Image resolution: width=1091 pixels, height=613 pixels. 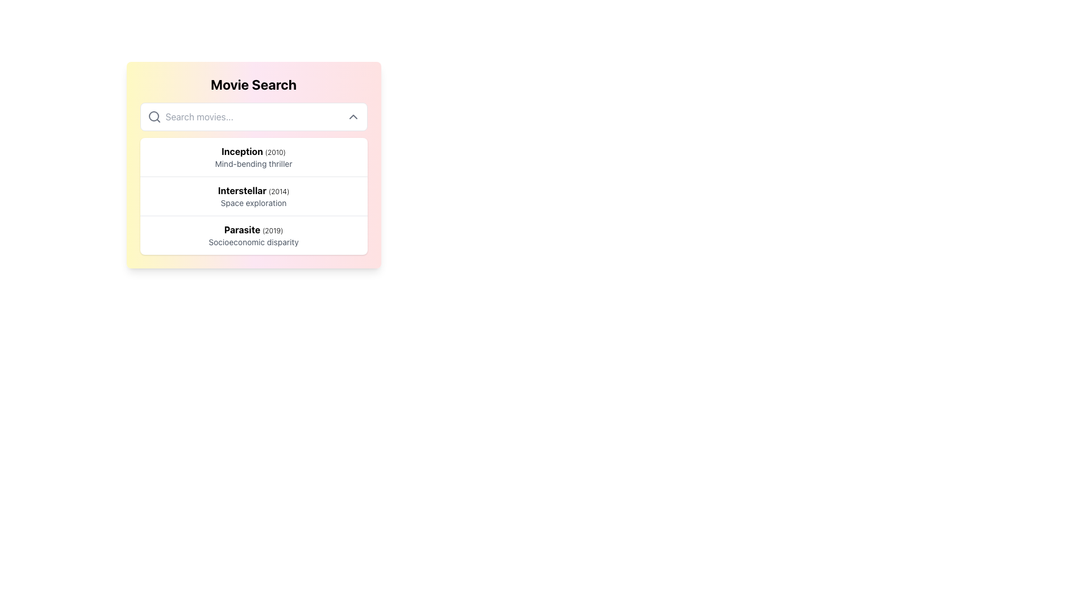 What do you see at coordinates (352, 116) in the screenshot?
I see `the upward-facing chevron icon button located at the far right of the 'Movie Search' rectangular search bar` at bounding box center [352, 116].